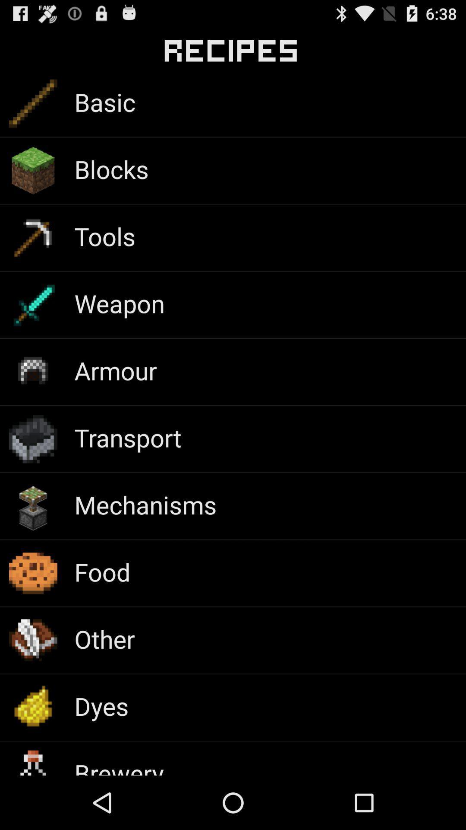 The image size is (466, 830). Describe the element at coordinates (102, 571) in the screenshot. I see `icon above the other app` at that location.